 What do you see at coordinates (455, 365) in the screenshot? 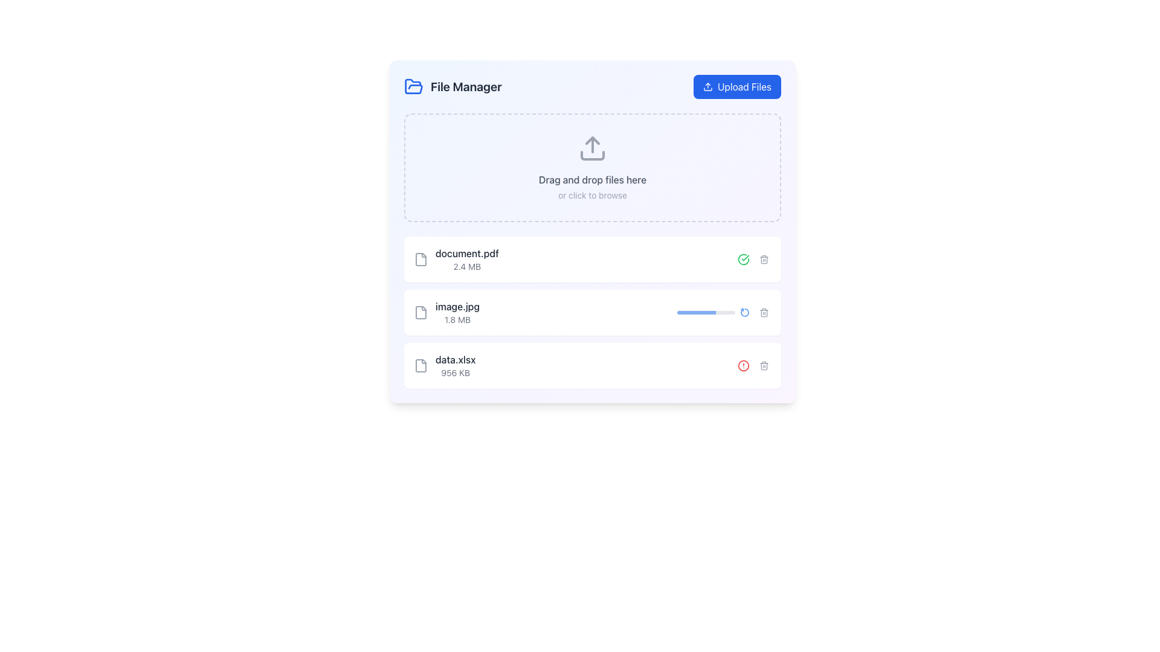
I see `the text label displaying 'data.xlsx' and '956 KB', which is the third item in a file management list, located to the right of a file icon` at bounding box center [455, 365].